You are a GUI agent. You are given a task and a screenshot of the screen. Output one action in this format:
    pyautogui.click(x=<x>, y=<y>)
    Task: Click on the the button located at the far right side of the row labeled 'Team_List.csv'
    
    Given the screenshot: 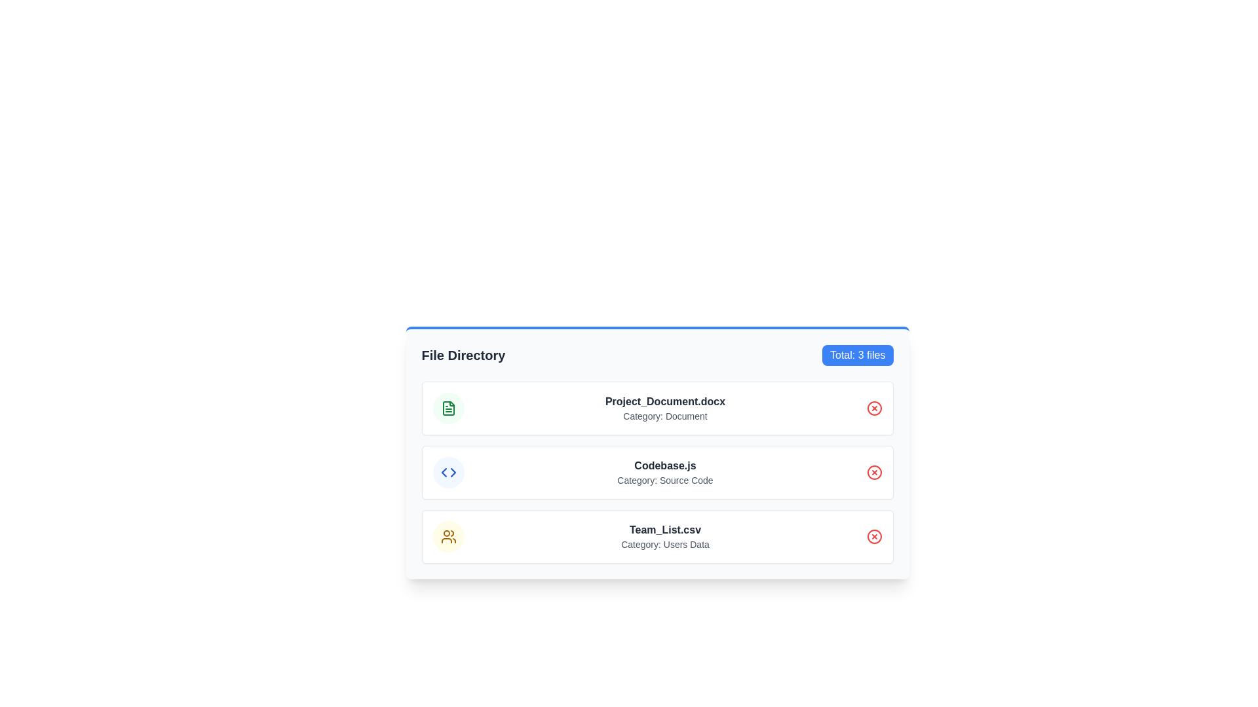 What is the action you would take?
    pyautogui.click(x=874, y=537)
    